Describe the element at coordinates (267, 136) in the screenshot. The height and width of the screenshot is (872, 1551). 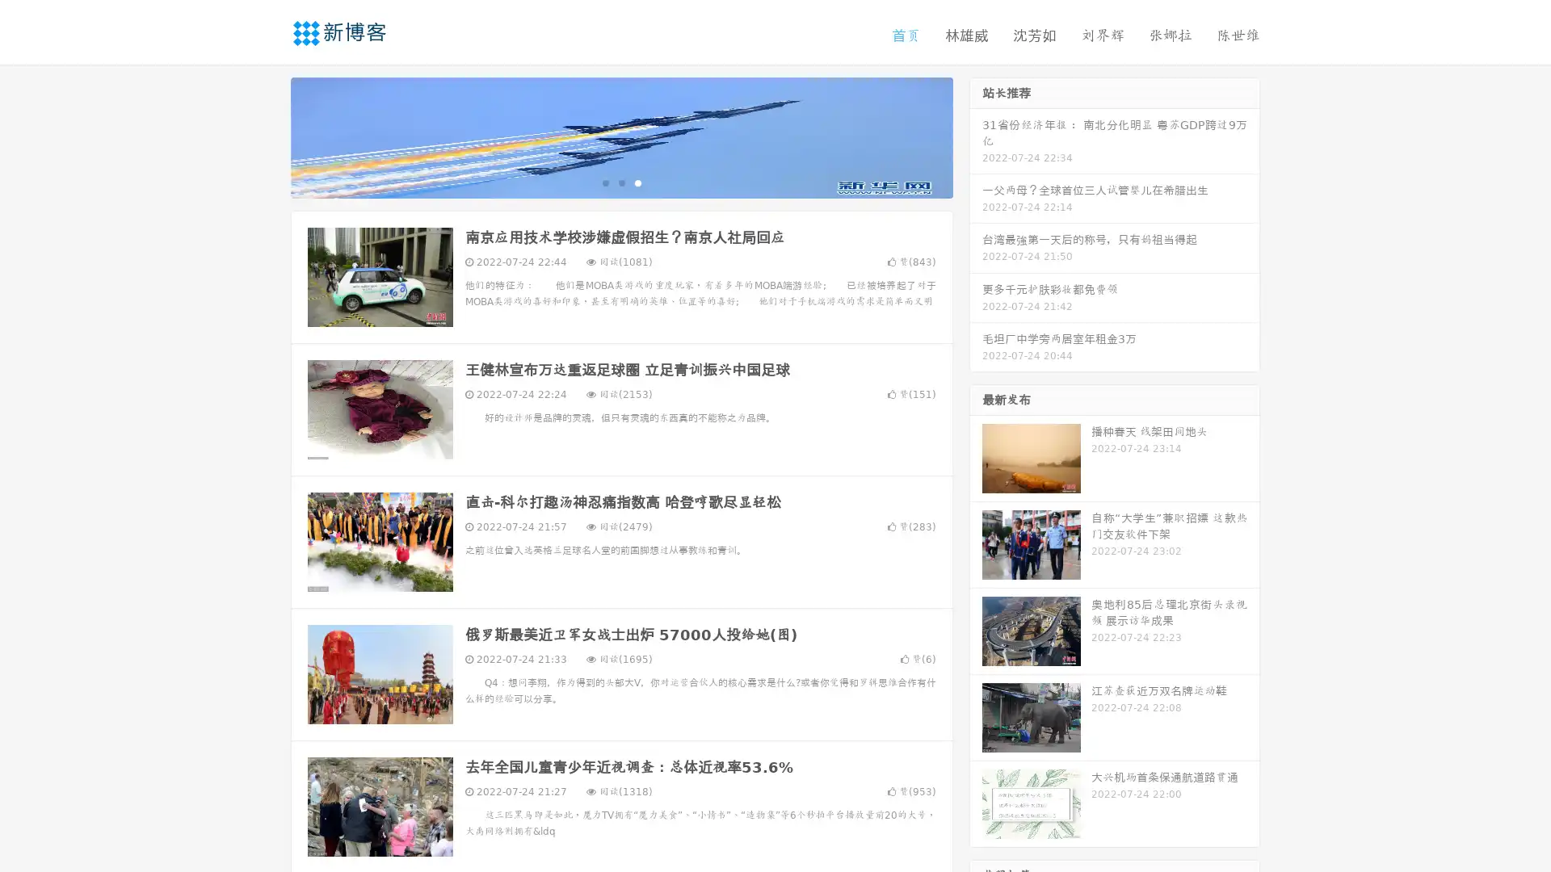
I see `Previous slide` at that location.